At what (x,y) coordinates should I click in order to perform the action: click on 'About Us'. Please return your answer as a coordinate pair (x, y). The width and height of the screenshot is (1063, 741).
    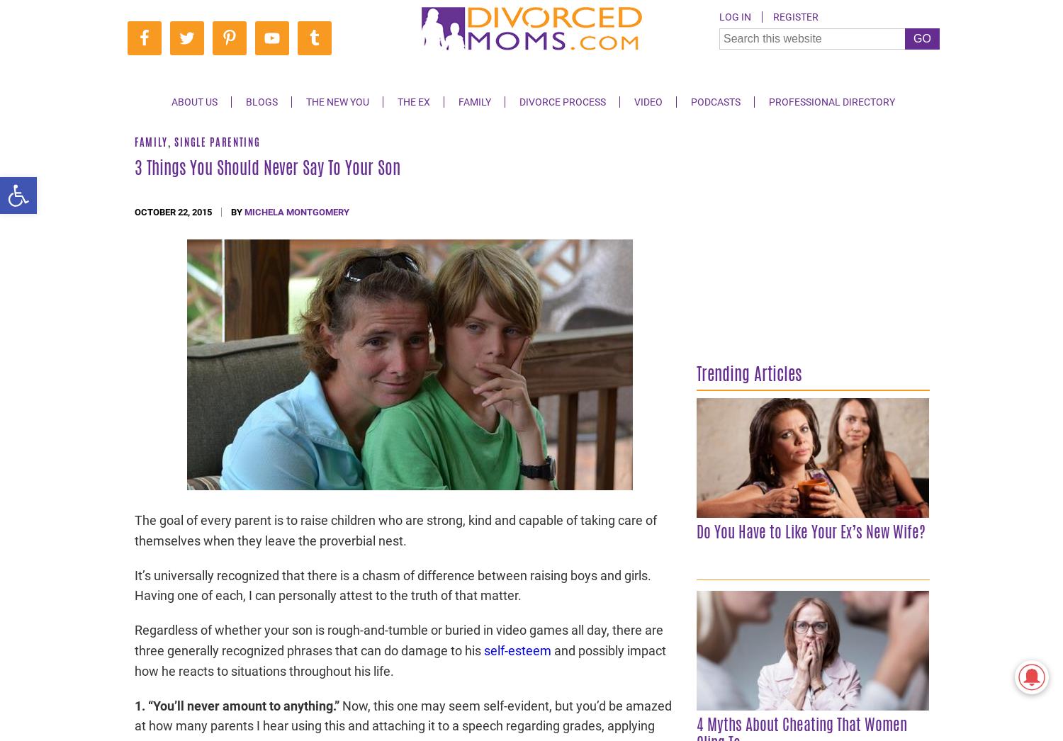
    Looking at the image, I should click on (193, 101).